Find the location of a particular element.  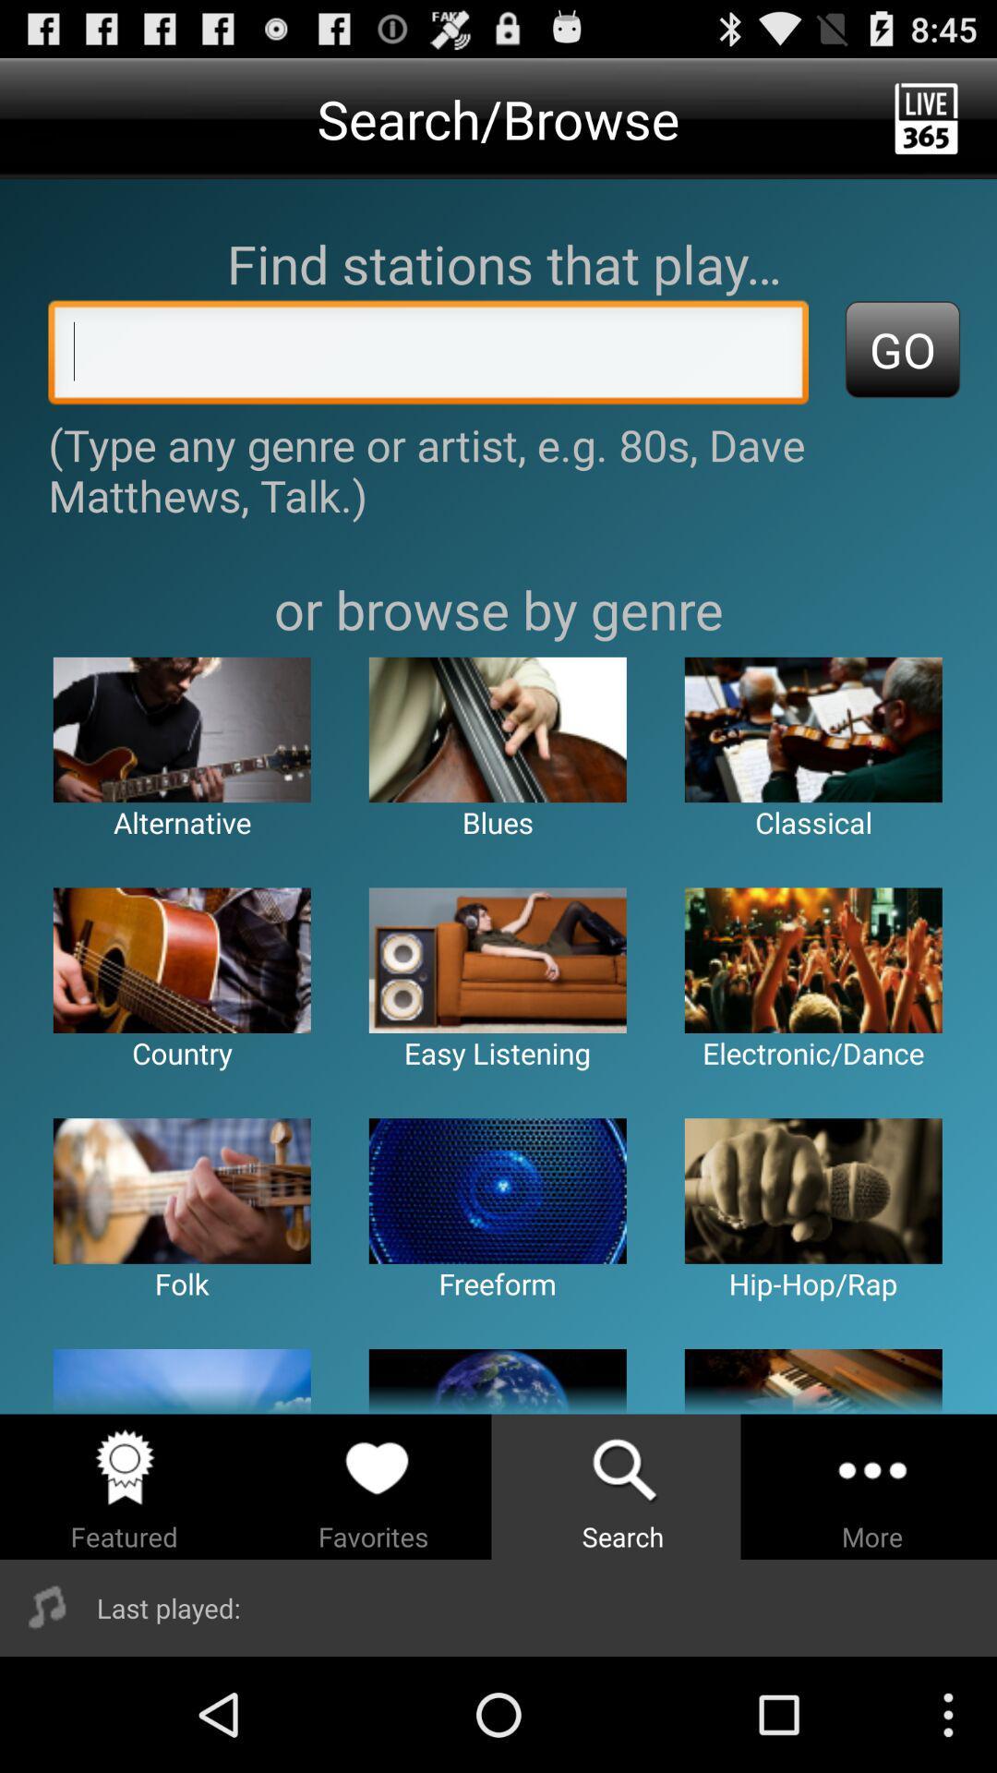

genre is located at coordinates (428, 357).